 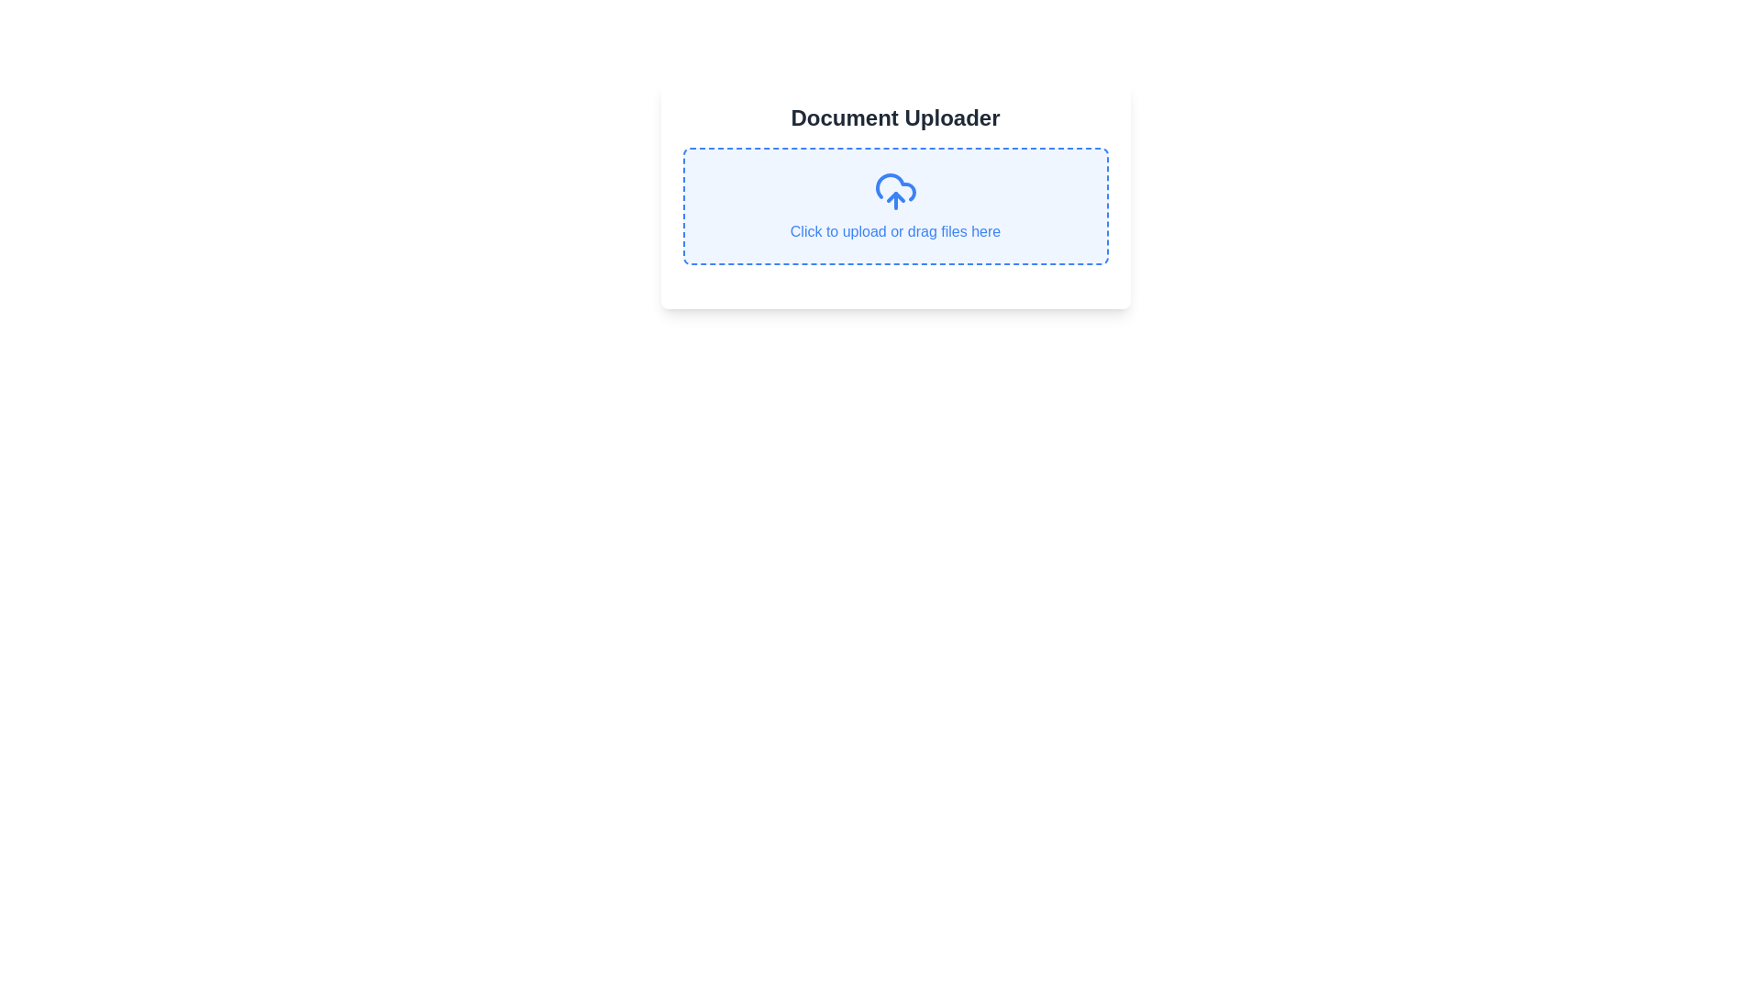 What do you see at coordinates (895, 197) in the screenshot?
I see `the upward-pointing blue arrow icon located inside the cloud-shaped icon, which is centered within the dashed blue-bordered rectangle below the title 'Document Uploader'` at bounding box center [895, 197].